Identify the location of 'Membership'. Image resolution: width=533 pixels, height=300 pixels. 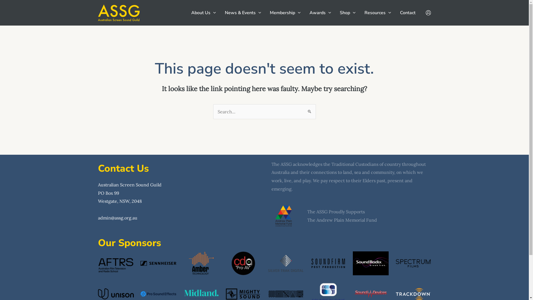
(285, 12).